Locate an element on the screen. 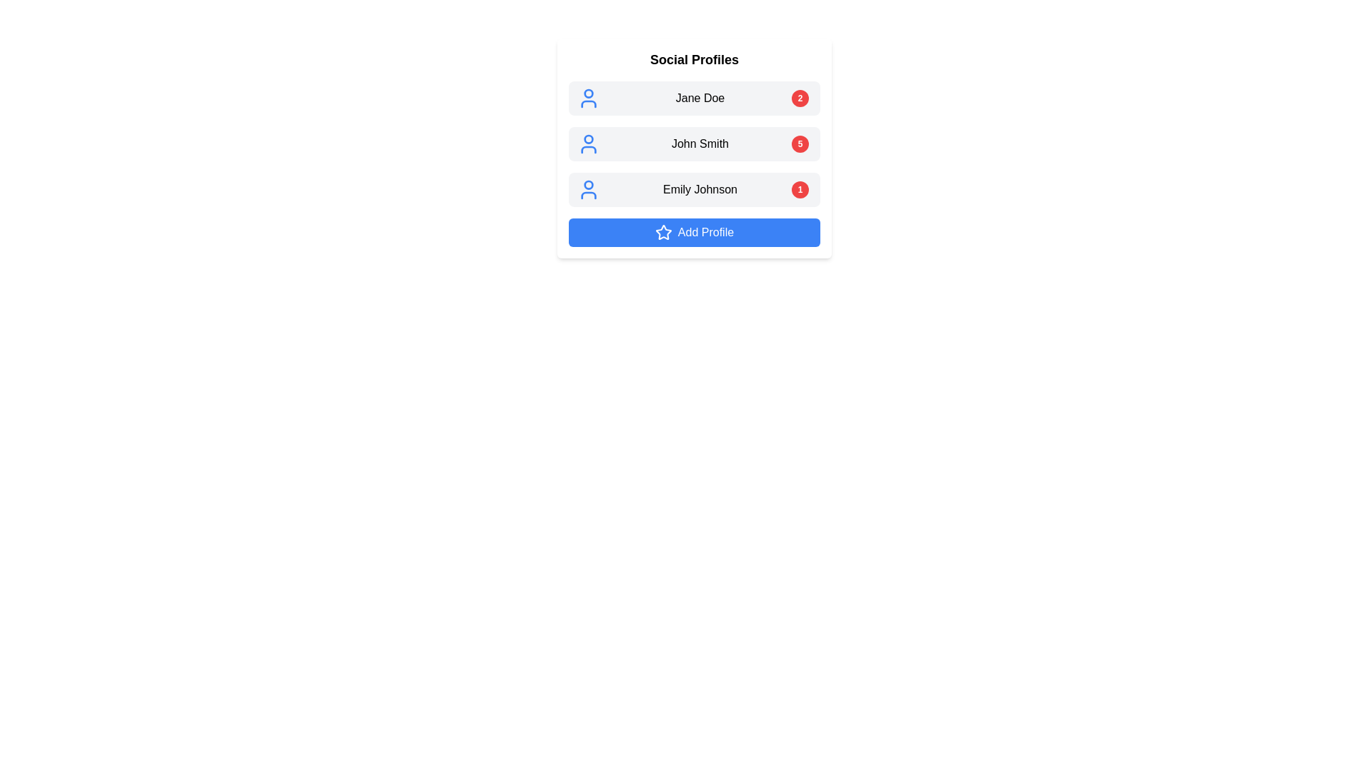  the displayed number on the small circular badge showing '5' in white text against a red background, located on the right side of 'John Smith' in the second row is located at coordinates (799, 143).